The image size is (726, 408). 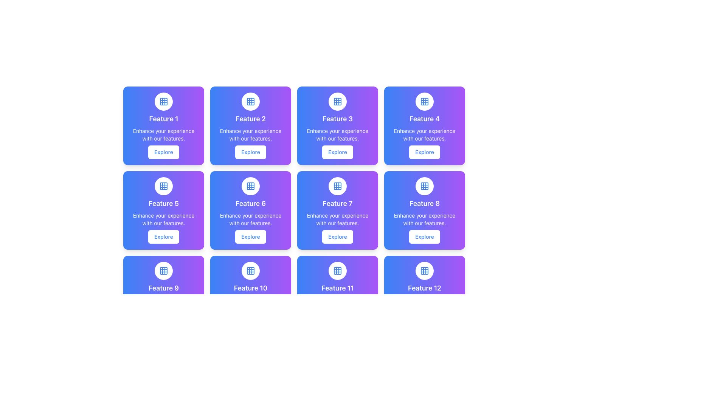 I want to click on the 'Explore' button located beneath the text 'Enhance your experience with our features.' in the 'Feature 2' card, so click(x=250, y=152).